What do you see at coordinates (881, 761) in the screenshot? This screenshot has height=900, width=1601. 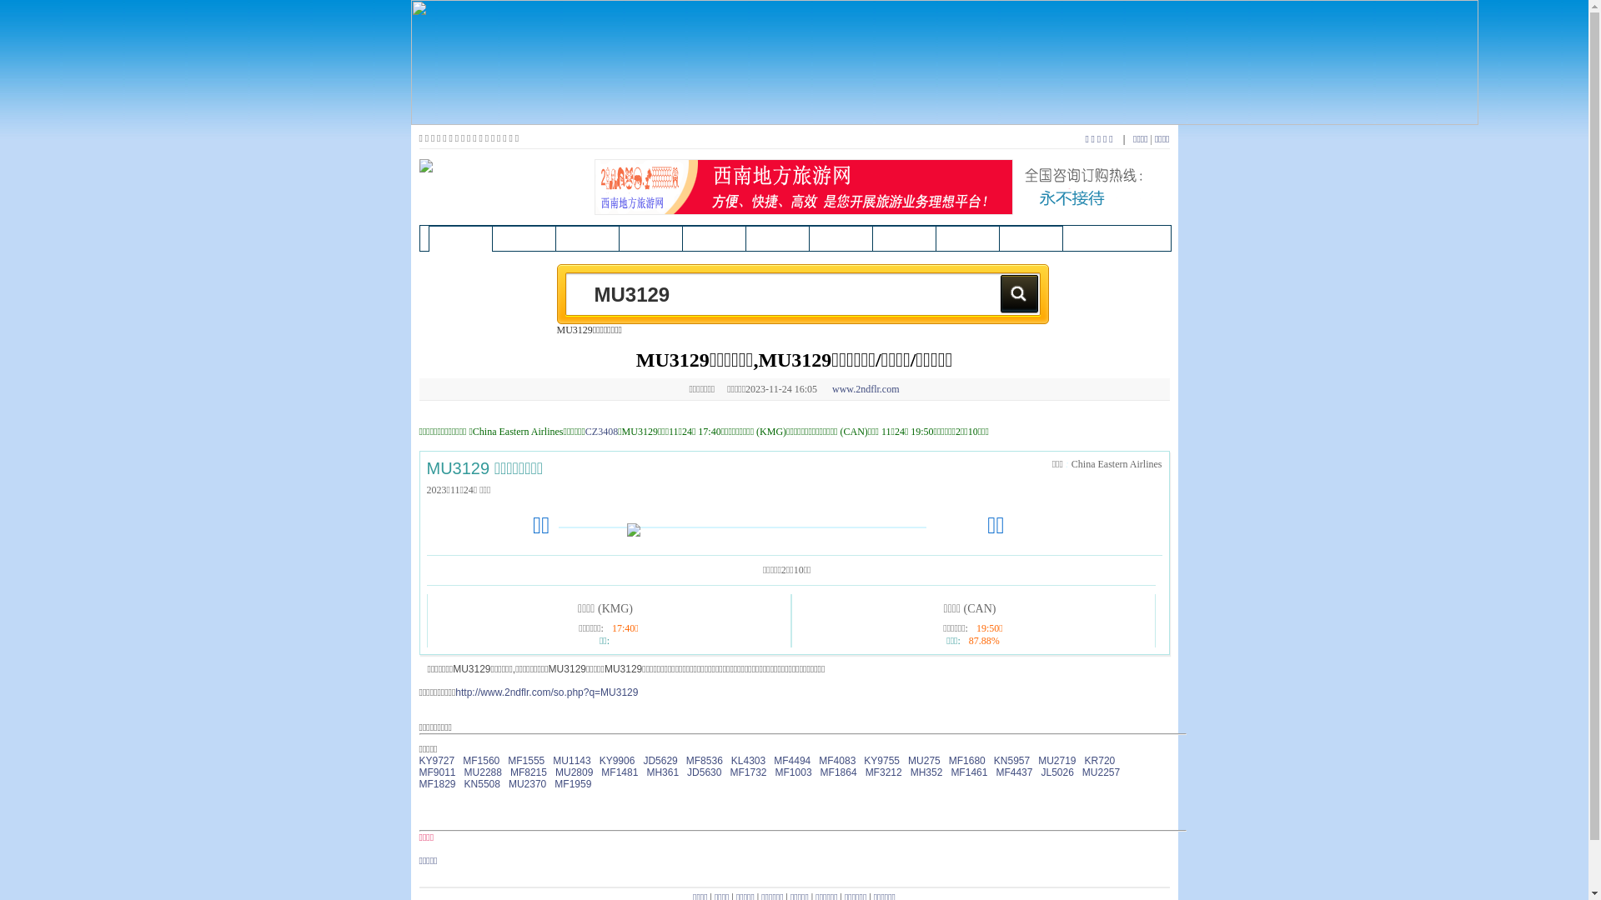 I see `'KY9755'` at bounding box center [881, 761].